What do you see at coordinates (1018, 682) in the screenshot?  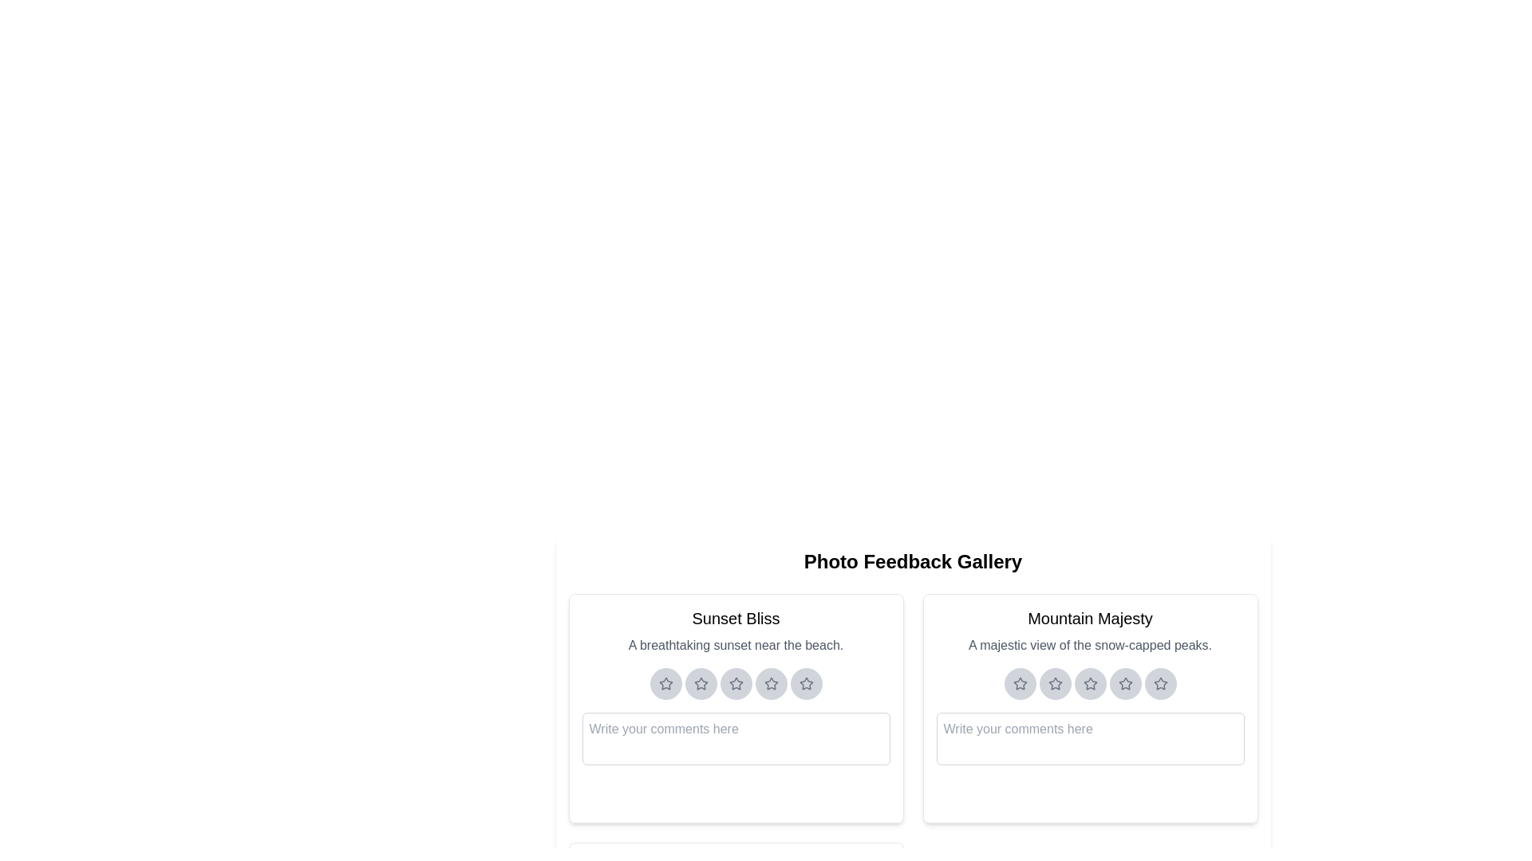 I see `the first interactive star icon for rating in the Photo Feedback Gallery to rate the Mountain Majesty photo` at bounding box center [1018, 682].